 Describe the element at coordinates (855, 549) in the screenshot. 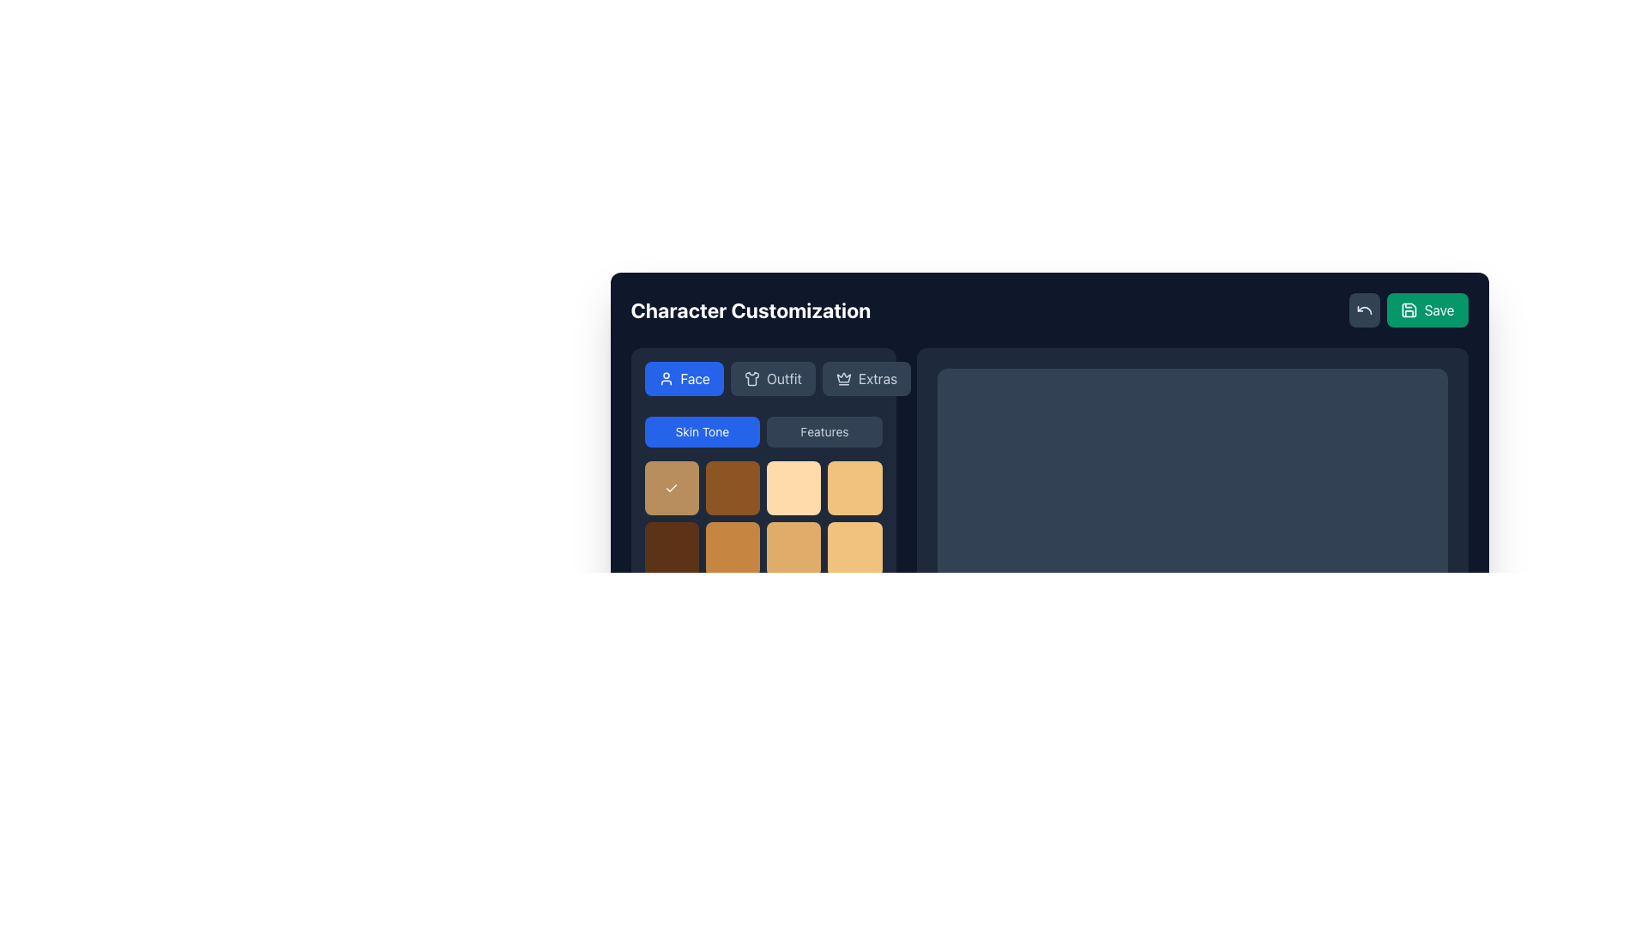

I see `the fourth color swatch in the bottom-right corner of the color customization grid` at that location.